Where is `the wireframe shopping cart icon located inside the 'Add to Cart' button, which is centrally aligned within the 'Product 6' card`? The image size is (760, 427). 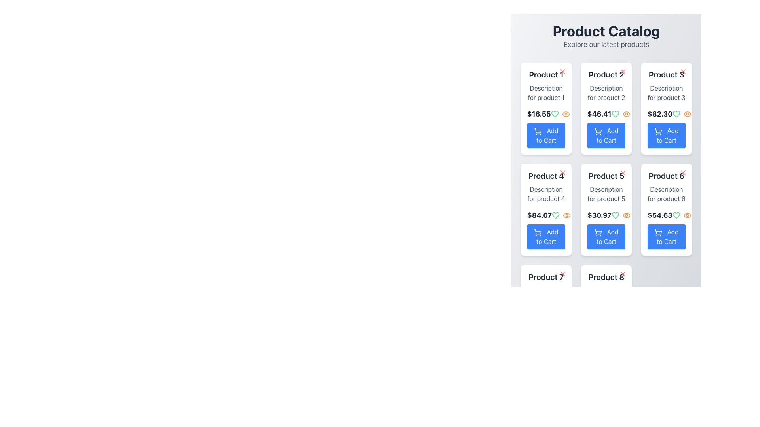 the wireframe shopping cart icon located inside the 'Add to Cart' button, which is centrally aligned within the 'Product 6' card is located at coordinates (658, 232).